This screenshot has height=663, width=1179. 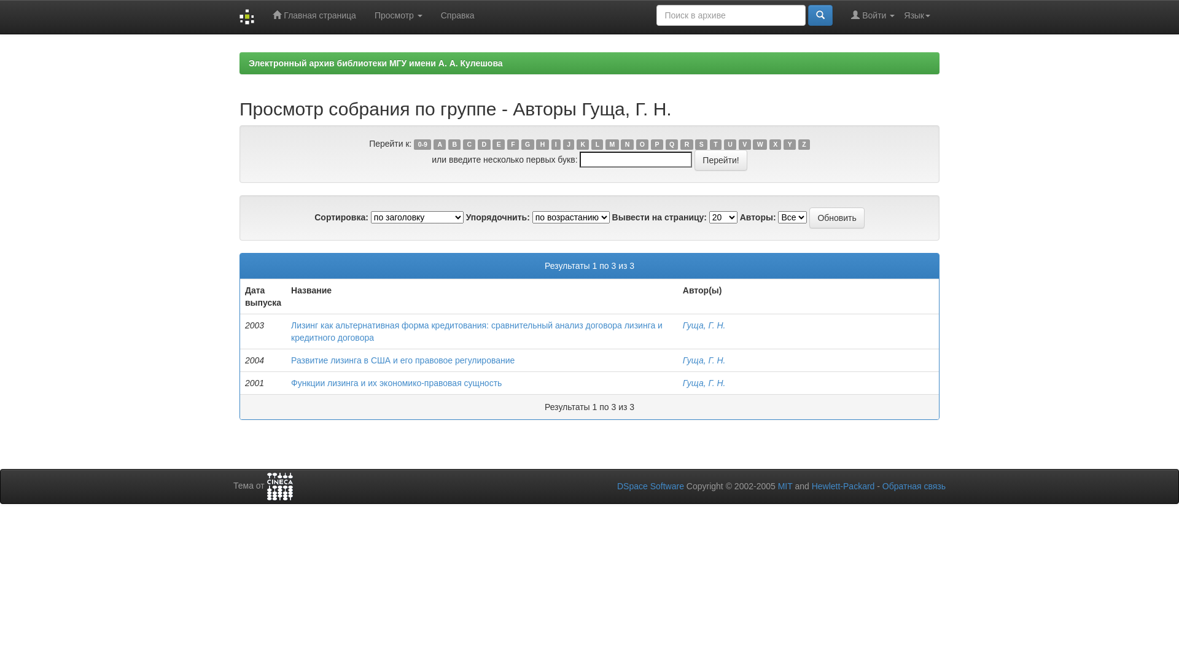 I want to click on 'U', so click(x=730, y=144).